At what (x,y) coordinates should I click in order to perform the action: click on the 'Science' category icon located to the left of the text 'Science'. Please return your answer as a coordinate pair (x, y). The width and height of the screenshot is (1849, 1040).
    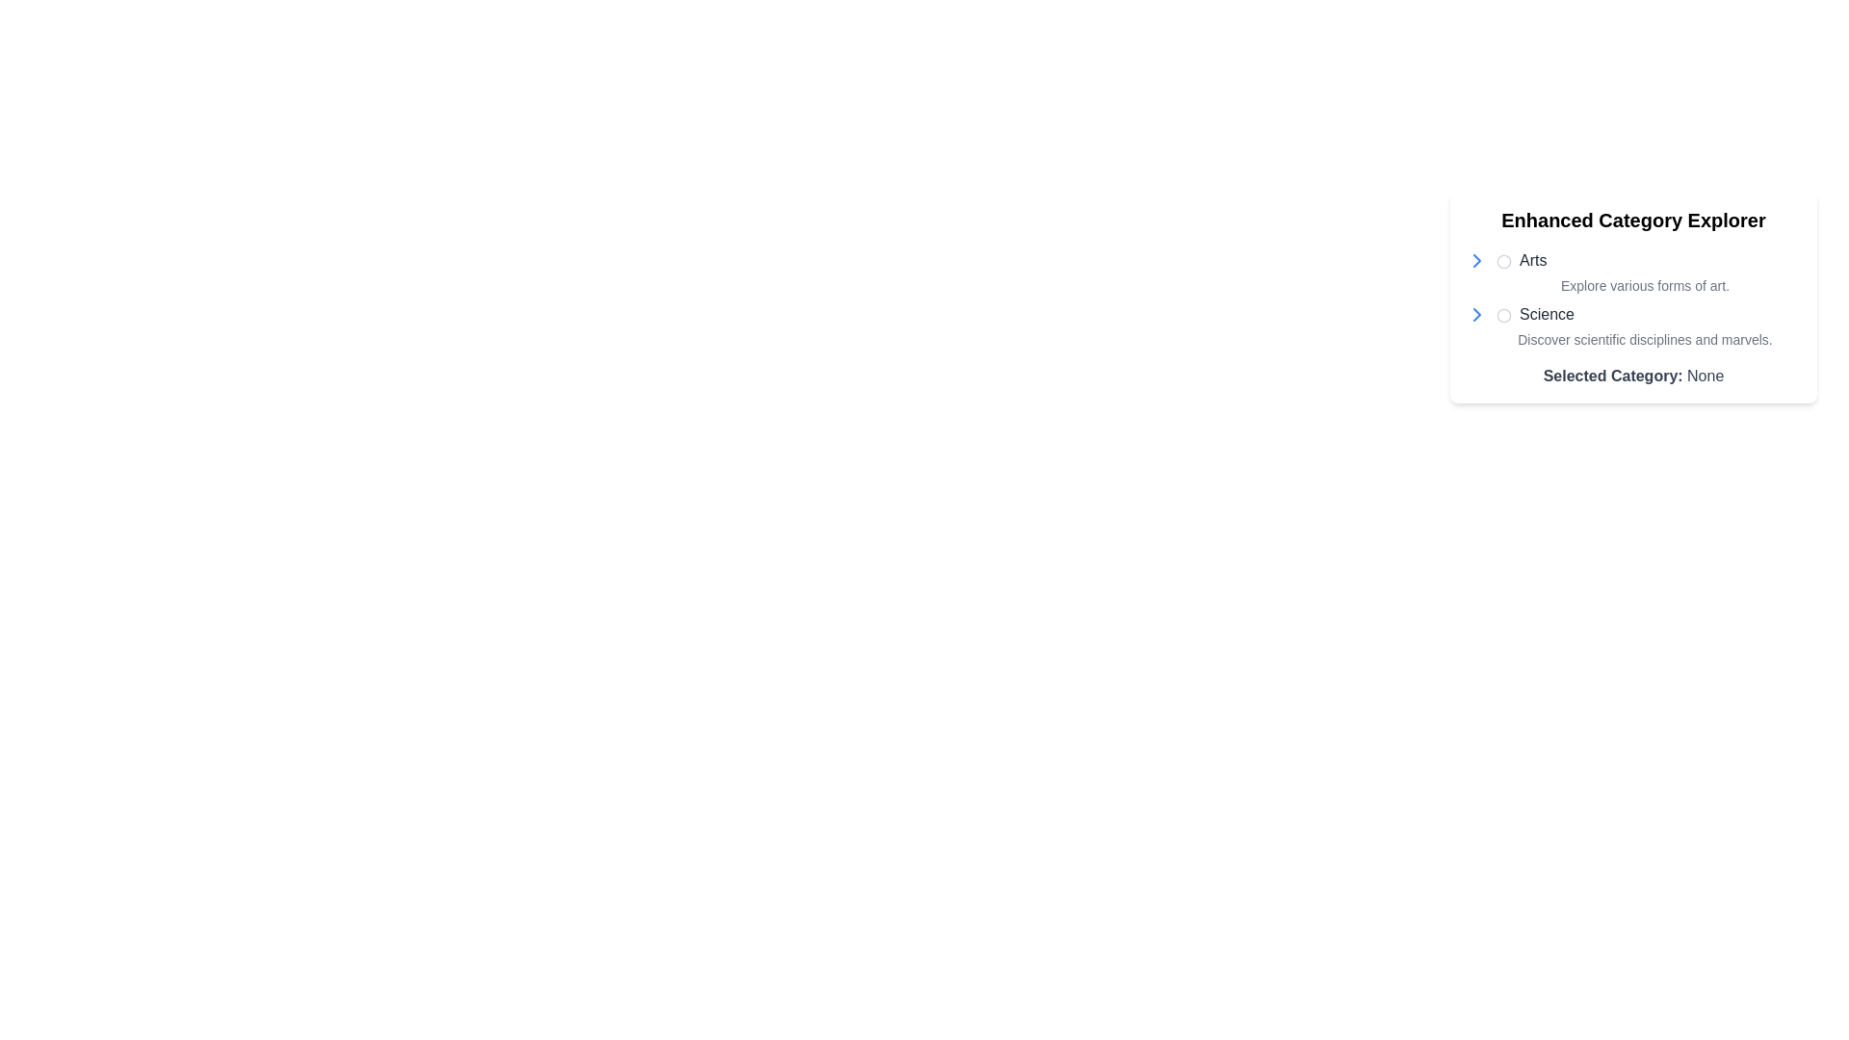
    Looking at the image, I should click on (1476, 314).